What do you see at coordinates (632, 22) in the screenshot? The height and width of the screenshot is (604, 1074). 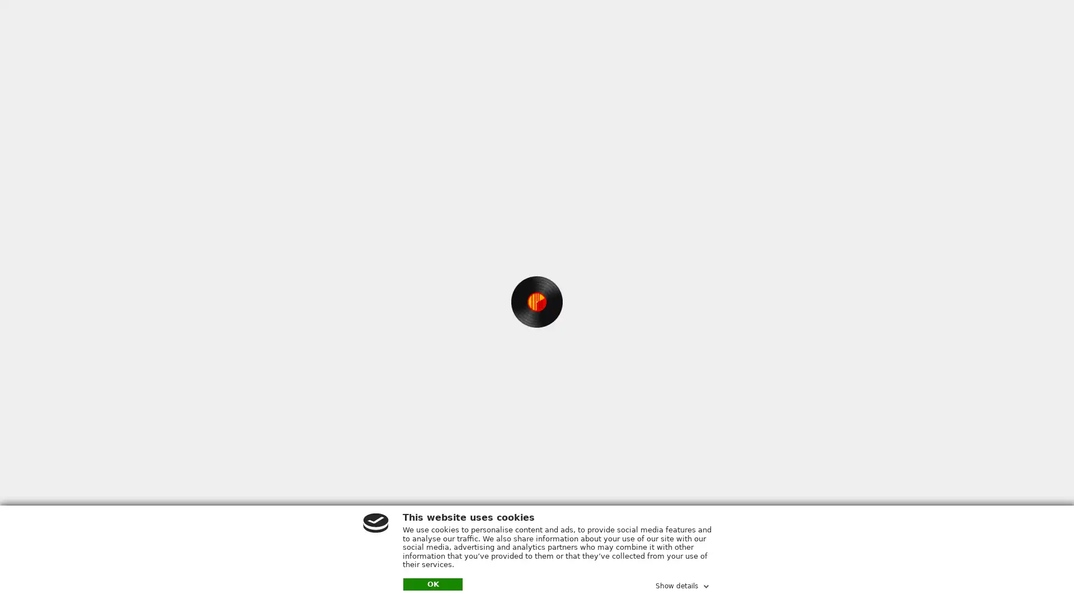 I see `search` at bounding box center [632, 22].